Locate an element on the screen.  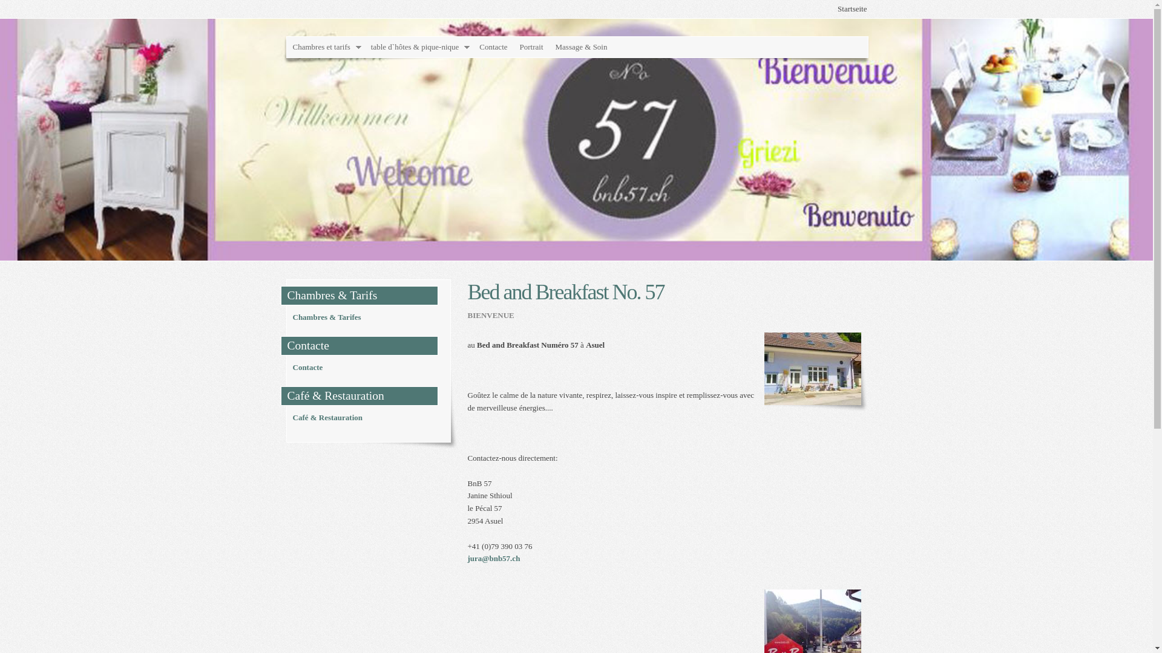
'Startseite' is located at coordinates (851, 8).